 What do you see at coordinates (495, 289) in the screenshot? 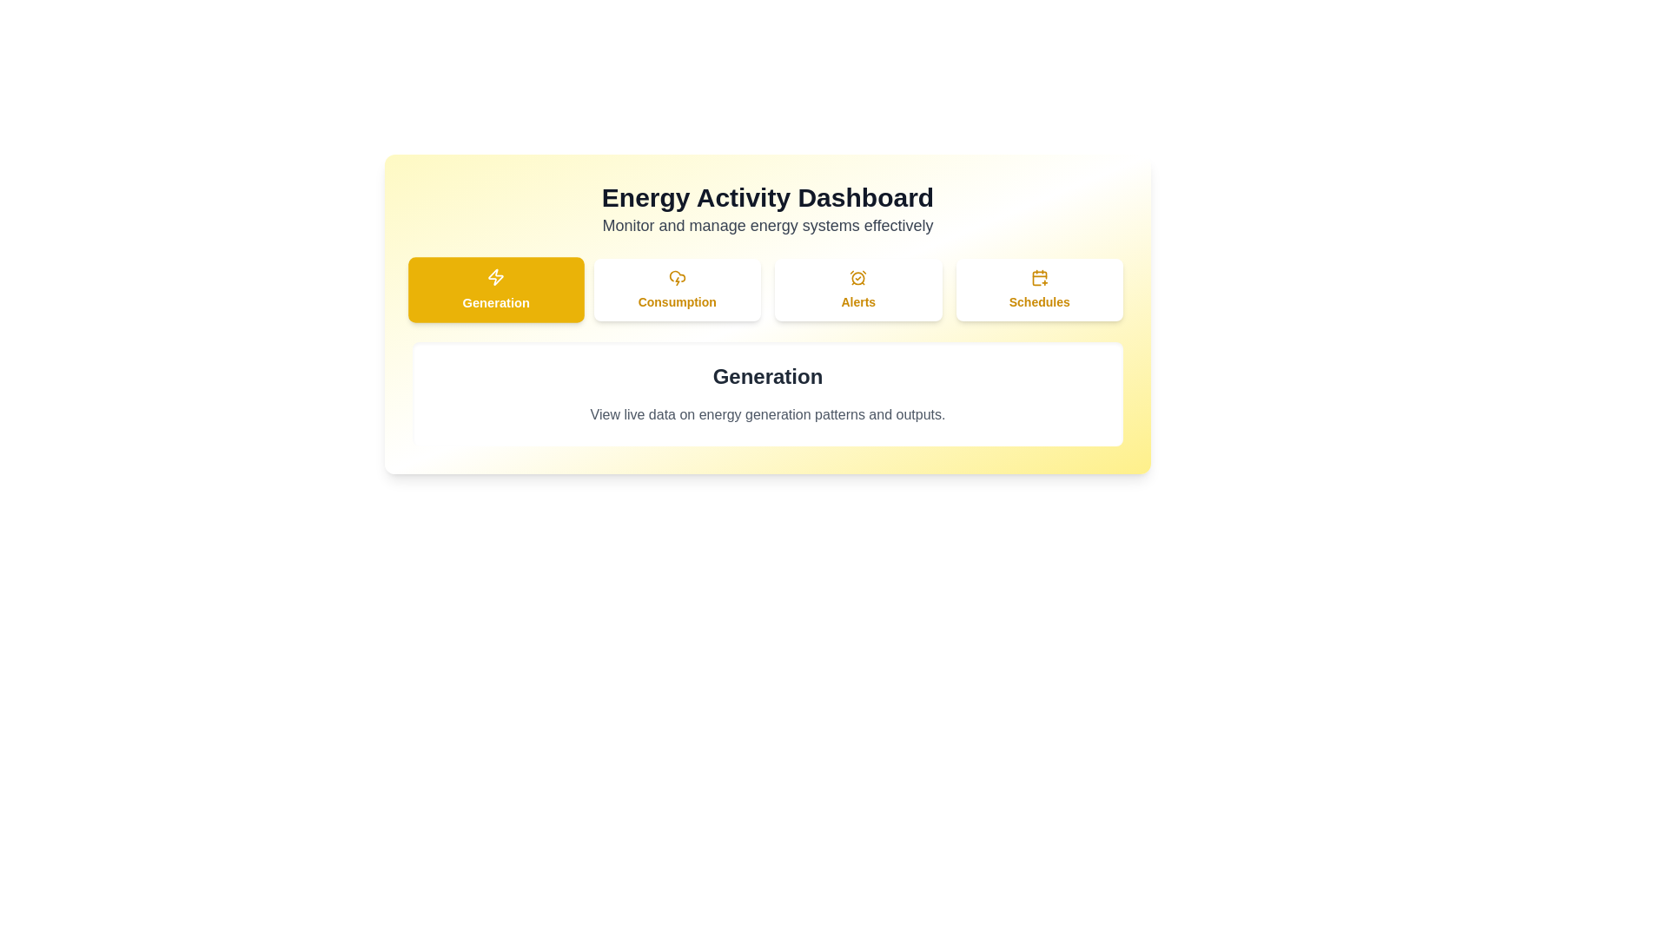
I see `the Generation tab to view its content` at bounding box center [495, 289].